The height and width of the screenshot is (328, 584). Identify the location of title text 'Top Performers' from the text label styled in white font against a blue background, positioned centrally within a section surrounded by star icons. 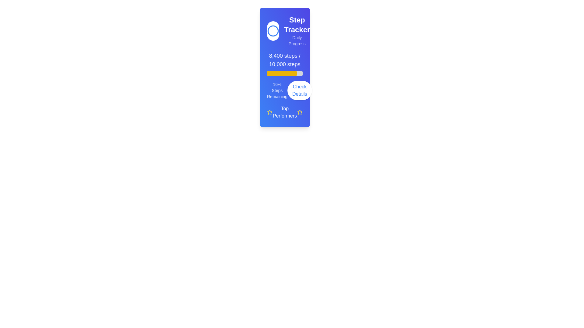
(284, 112).